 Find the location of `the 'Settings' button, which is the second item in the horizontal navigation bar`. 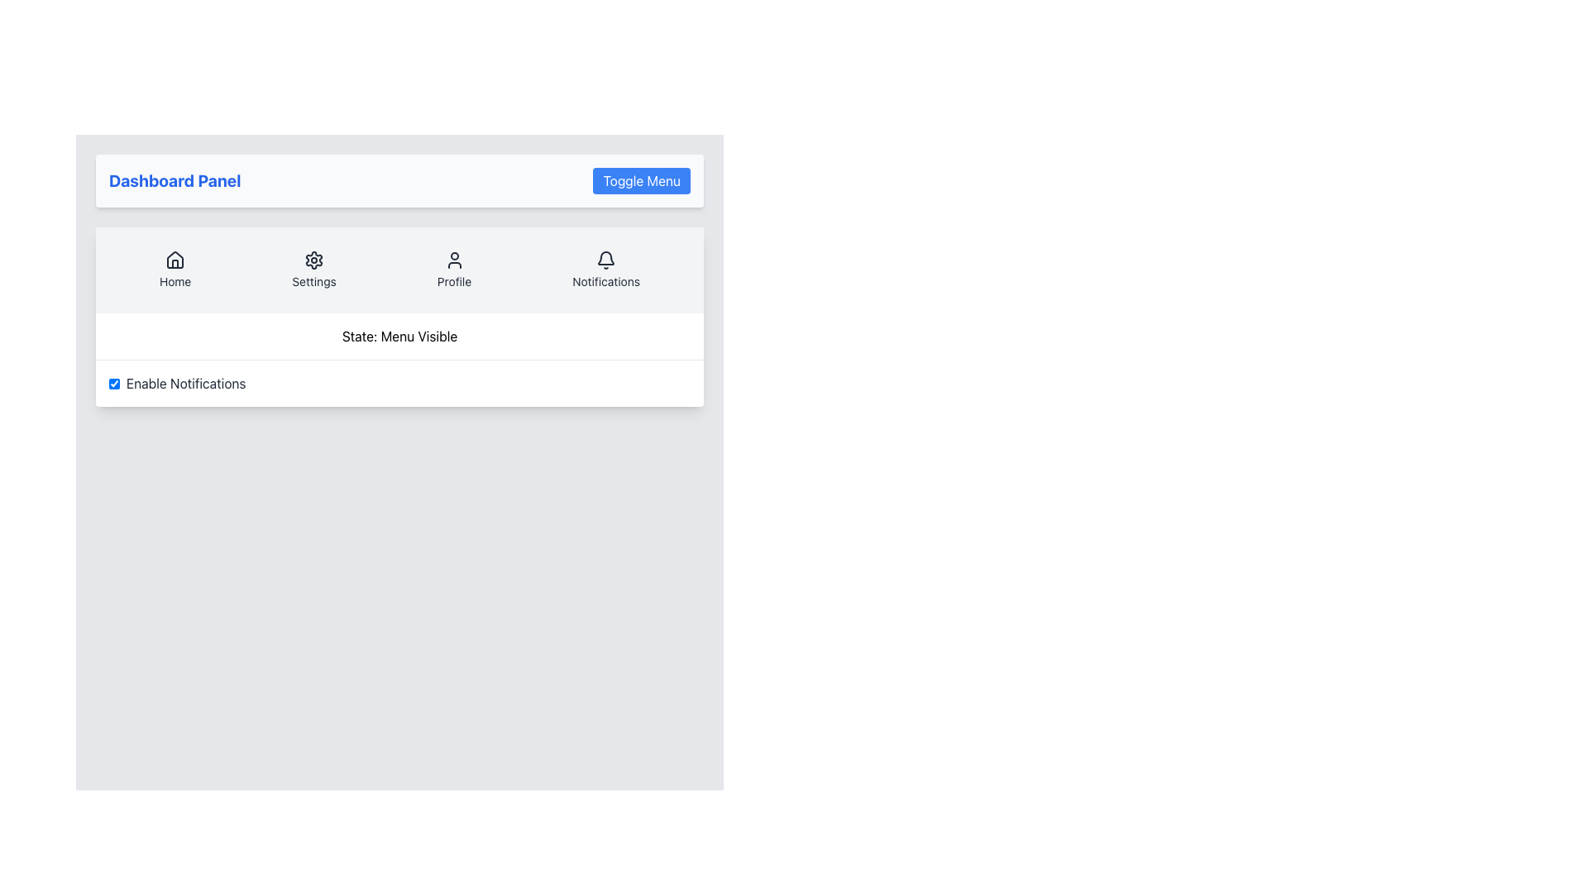

the 'Settings' button, which is the second item in the horizontal navigation bar is located at coordinates (314, 270).